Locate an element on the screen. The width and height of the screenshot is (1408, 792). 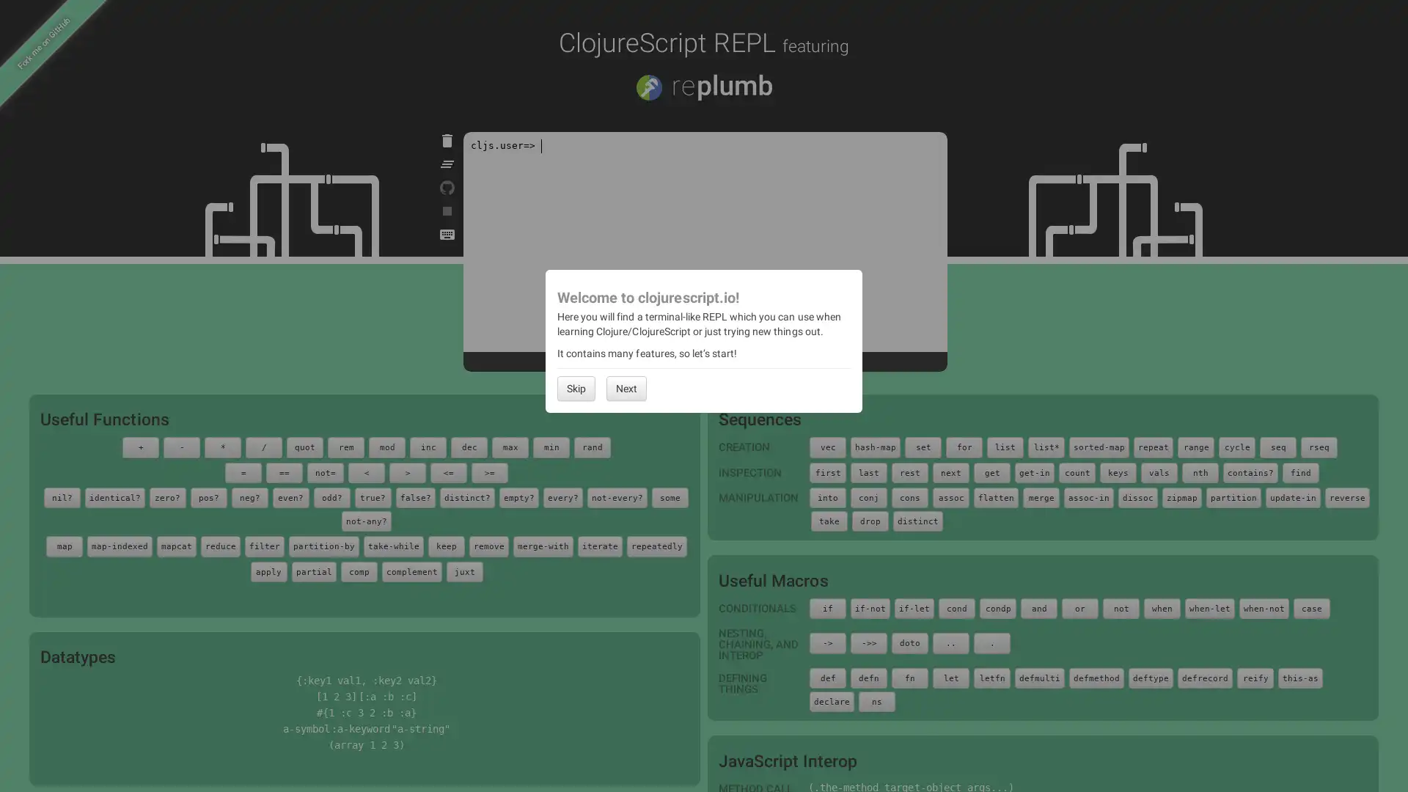
quot is located at coordinates (304, 446).